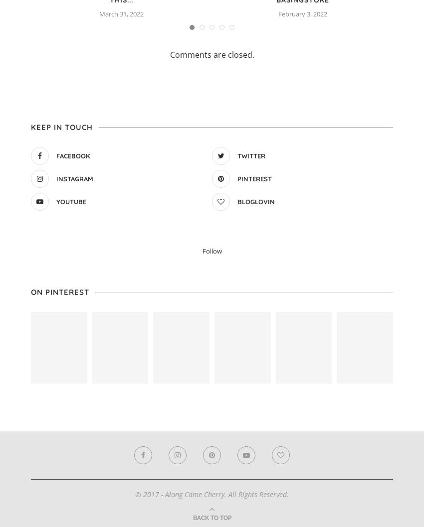  I want to click on 'February 3, 2022', so click(301, 13).